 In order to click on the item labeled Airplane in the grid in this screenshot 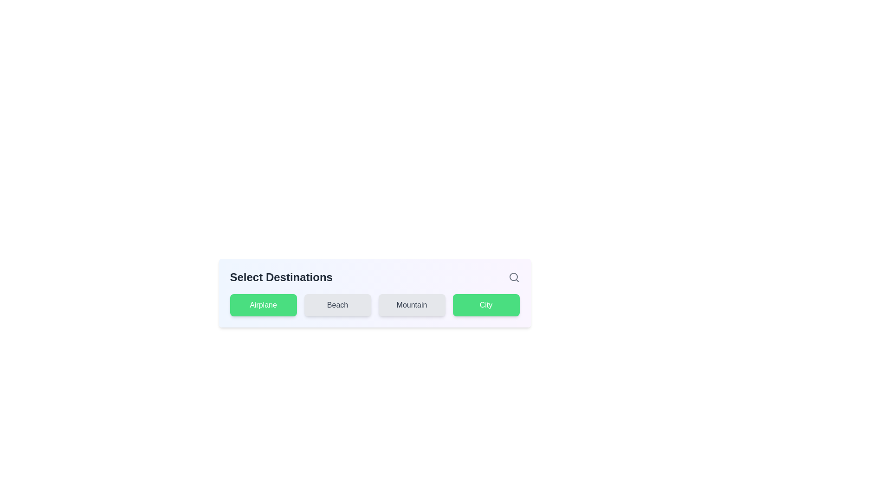, I will do `click(263, 305)`.